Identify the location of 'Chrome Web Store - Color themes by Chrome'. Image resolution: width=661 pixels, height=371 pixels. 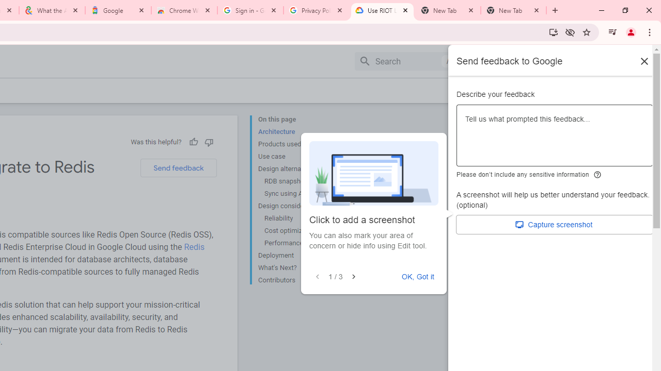
(184, 10).